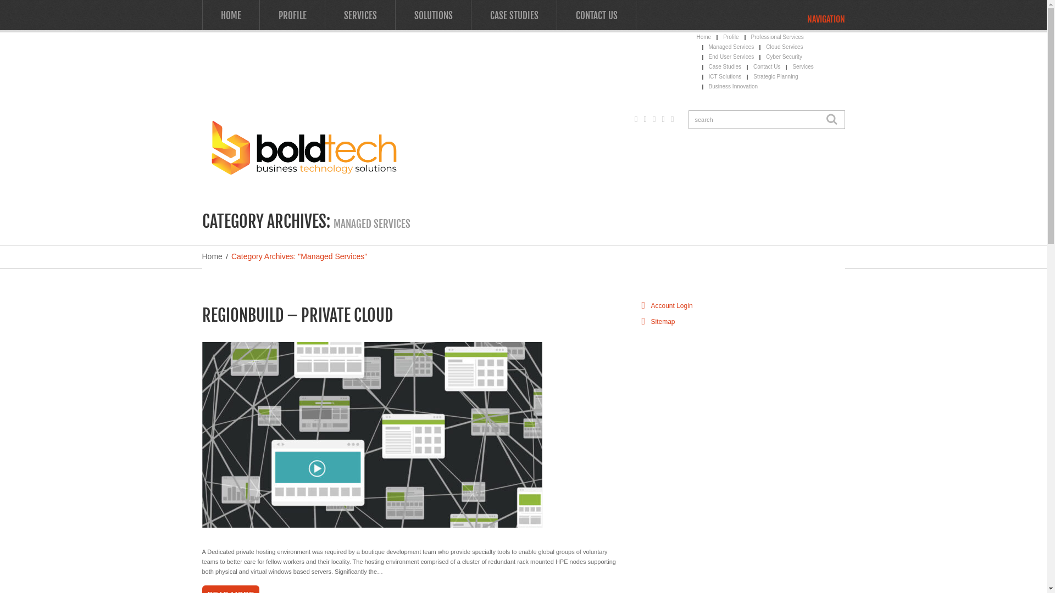  Describe the element at coordinates (784, 46) in the screenshot. I see `'Cloud Services'` at that location.